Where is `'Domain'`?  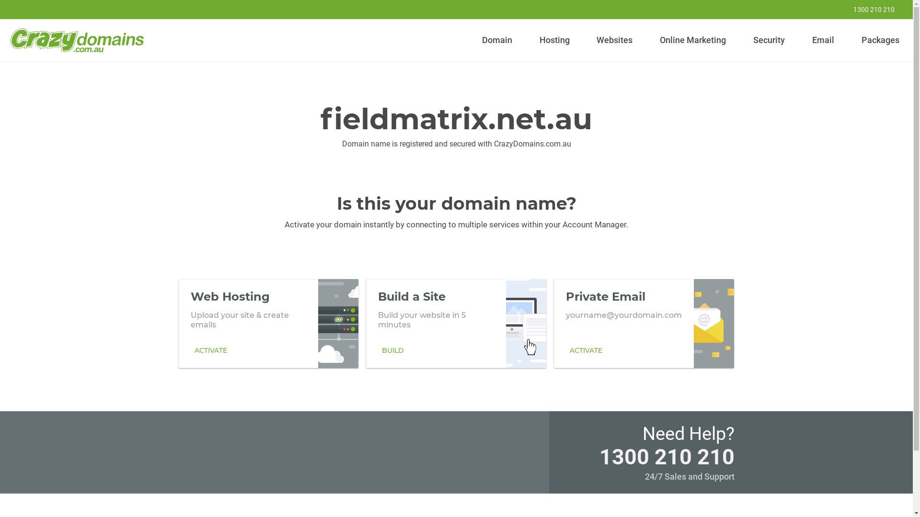
'Domain' is located at coordinates (497, 40).